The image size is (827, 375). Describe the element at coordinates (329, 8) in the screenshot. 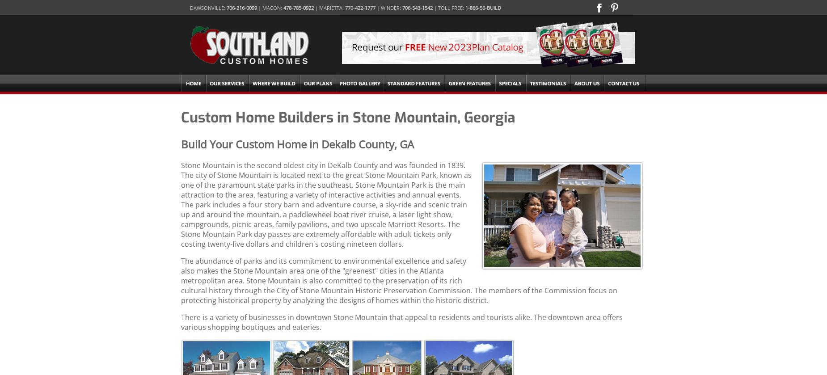

I see `'|  Marietta:'` at that location.